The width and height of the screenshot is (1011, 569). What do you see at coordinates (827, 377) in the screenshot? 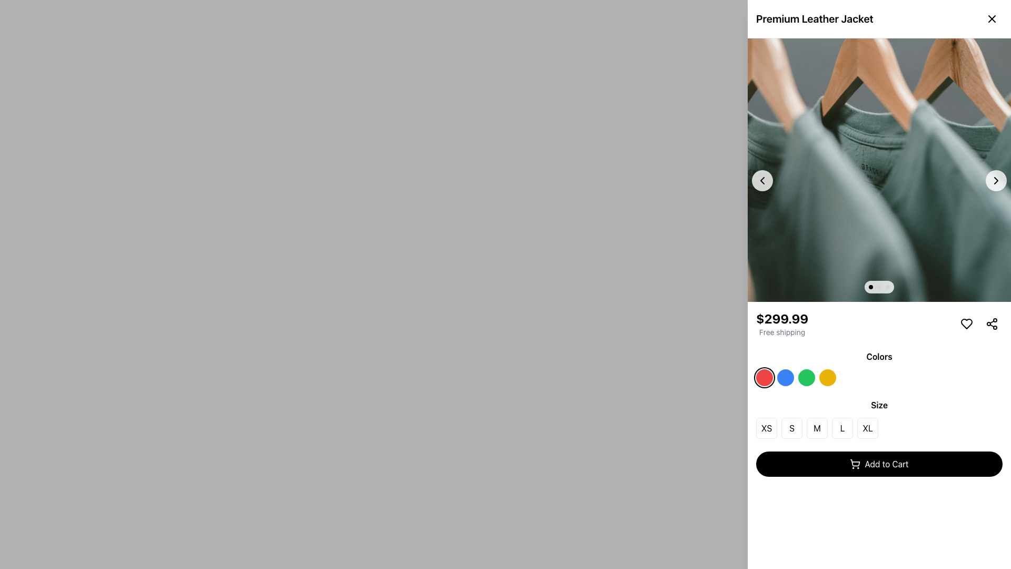
I see `the selectable circle indicator with a yellow background located in the fourth position of the horizontal arrangement of circular elements` at bounding box center [827, 377].